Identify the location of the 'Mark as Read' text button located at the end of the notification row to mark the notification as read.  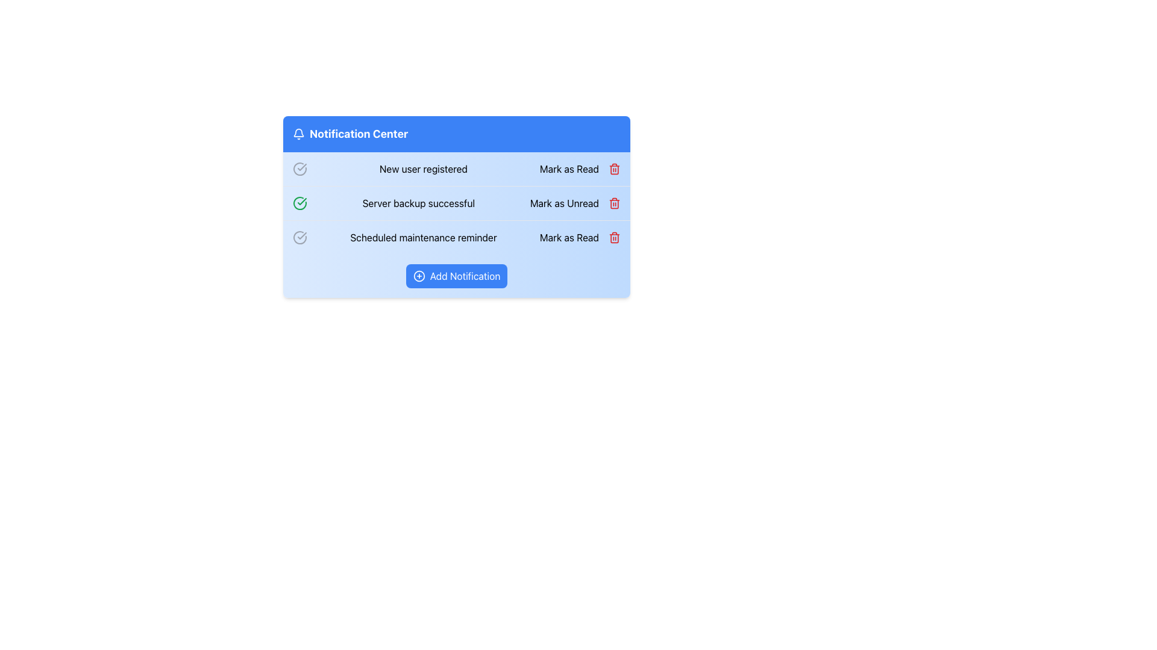
(569, 169).